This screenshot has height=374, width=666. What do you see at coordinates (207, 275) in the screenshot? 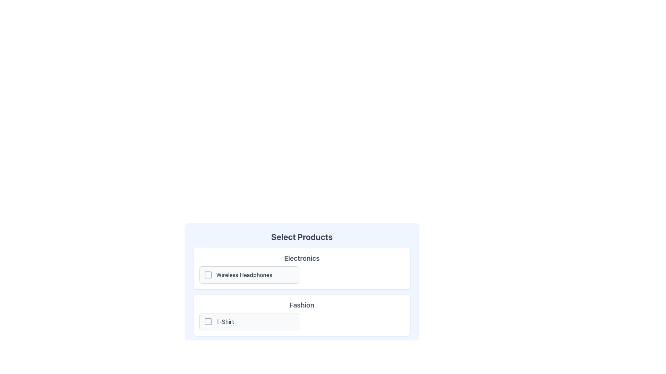
I see `the checkbox associated with the label 'Wireless Headphones'` at bounding box center [207, 275].